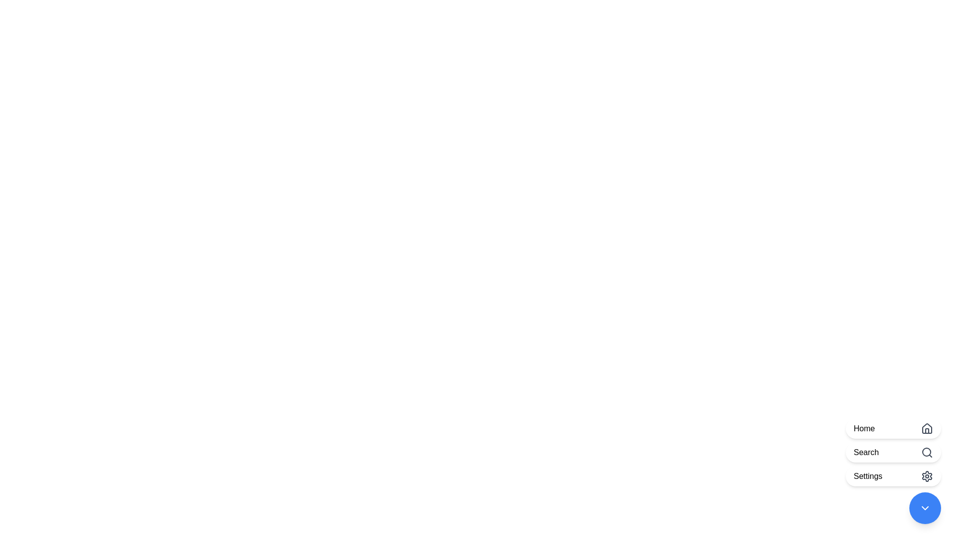 The width and height of the screenshot is (953, 536). Describe the element at coordinates (864, 428) in the screenshot. I see `the Text Label indicating the current navigation option, positioned to the left of the house icon in the bottom-right corner of the interface` at that location.